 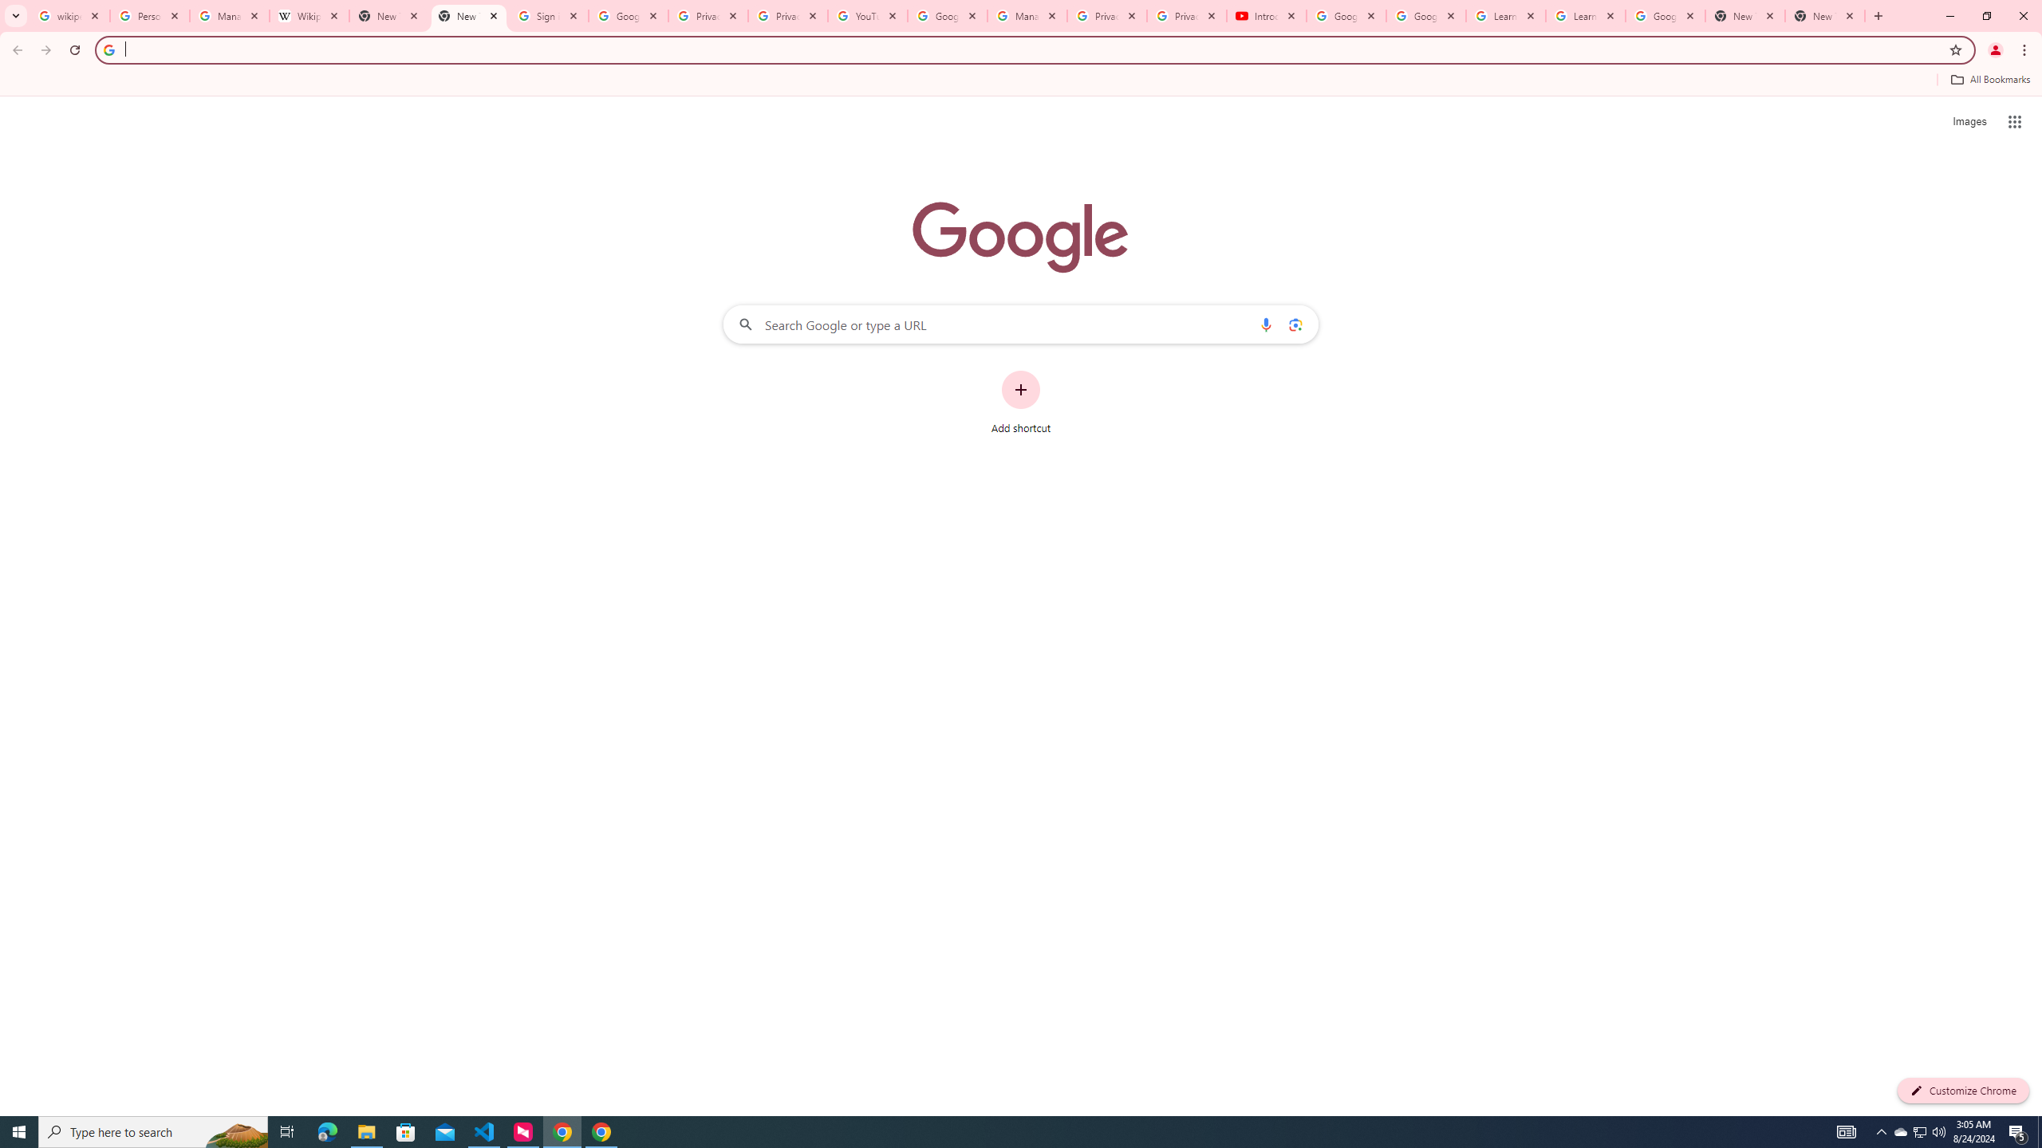 What do you see at coordinates (1745, 15) in the screenshot?
I see `'New Tab'` at bounding box center [1745, 15].